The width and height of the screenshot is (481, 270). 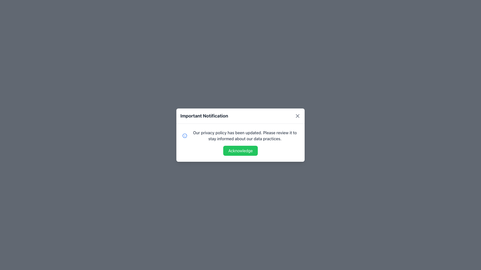 What do you see at coordinates (298, 116) in the screenshot?
I see `the Close Icon (SVG) located at the top-right corner of the 'Important Notification' modal` at bounding box center [298, 116].